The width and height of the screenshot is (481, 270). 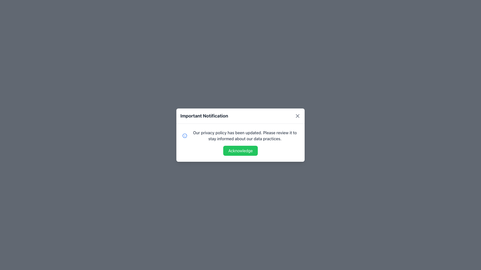 What do you see at coordinates (298, 116) in the screenshot?
I see `the Close Icon (SVG) located at the top-right corner of the 'Important Notification' modal` at bounding box center [298, 116].